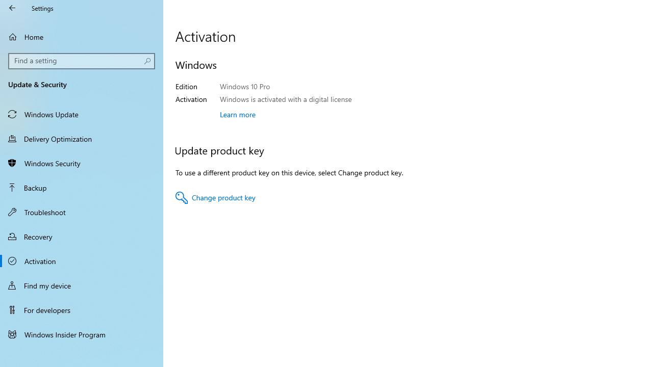 The height and width of the screenshot is (367, 653). Describe the element at coordinates (82, 309) in the screenshot. I see `'For developers'` at that location.